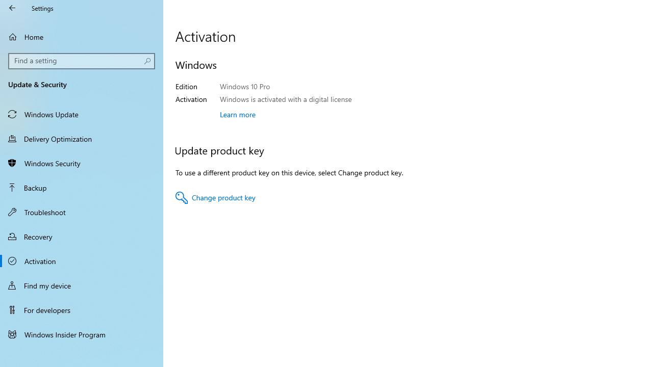 The height and width of the screenshot is (367, 653). Describe the element at coordinates (82, 309) in the screenshot. I see `'For developers'` at that location.